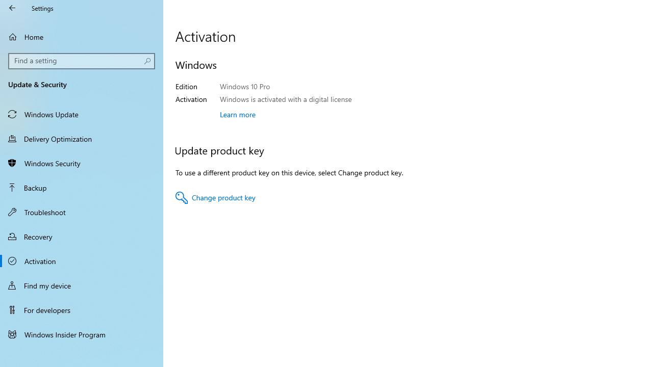 The height and width of the screenshot is (367, 653). Describe the element at coordinates (82, 309) in the screenshot. I see `'For developers'` at that location.